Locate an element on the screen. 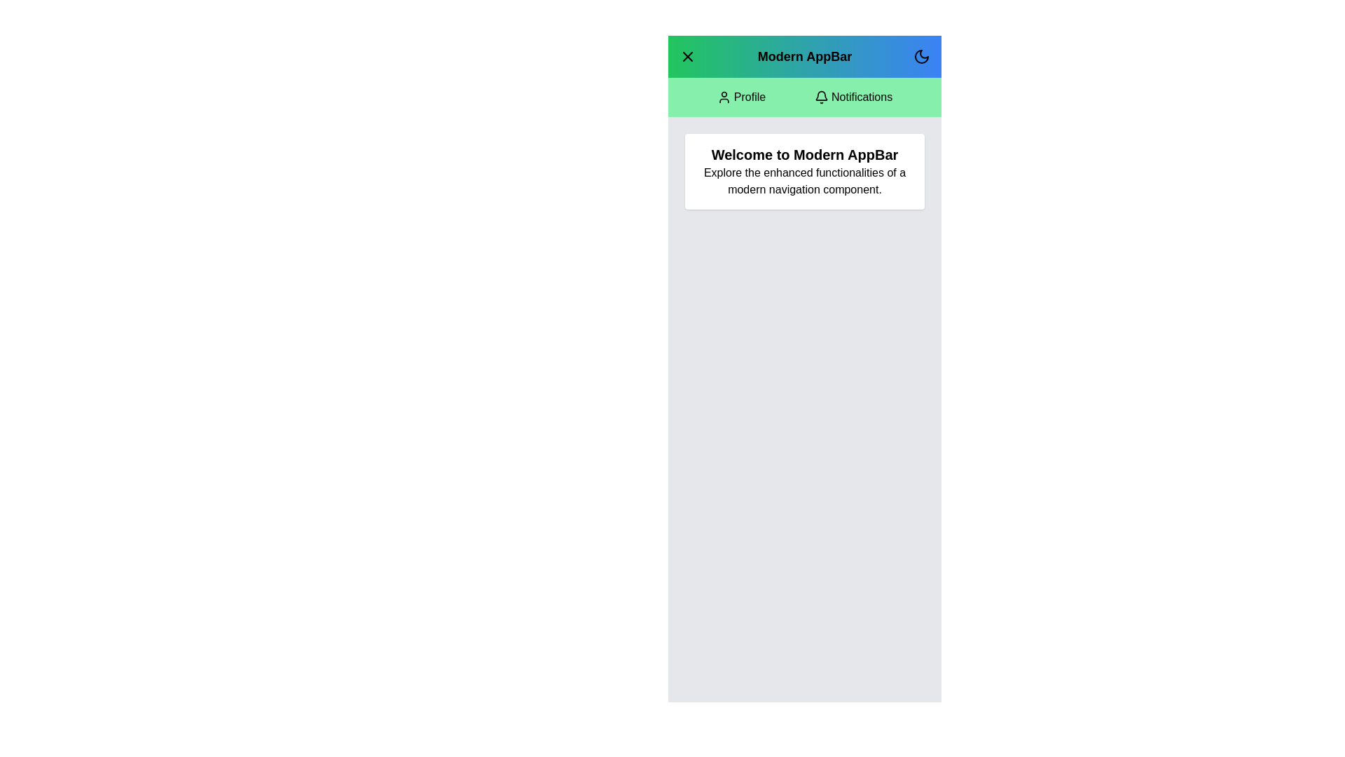 The height and width of the screenshot is (757, 1345). dark mode toggle button to switch between light and dark modes is located at coordinates (921, 56).